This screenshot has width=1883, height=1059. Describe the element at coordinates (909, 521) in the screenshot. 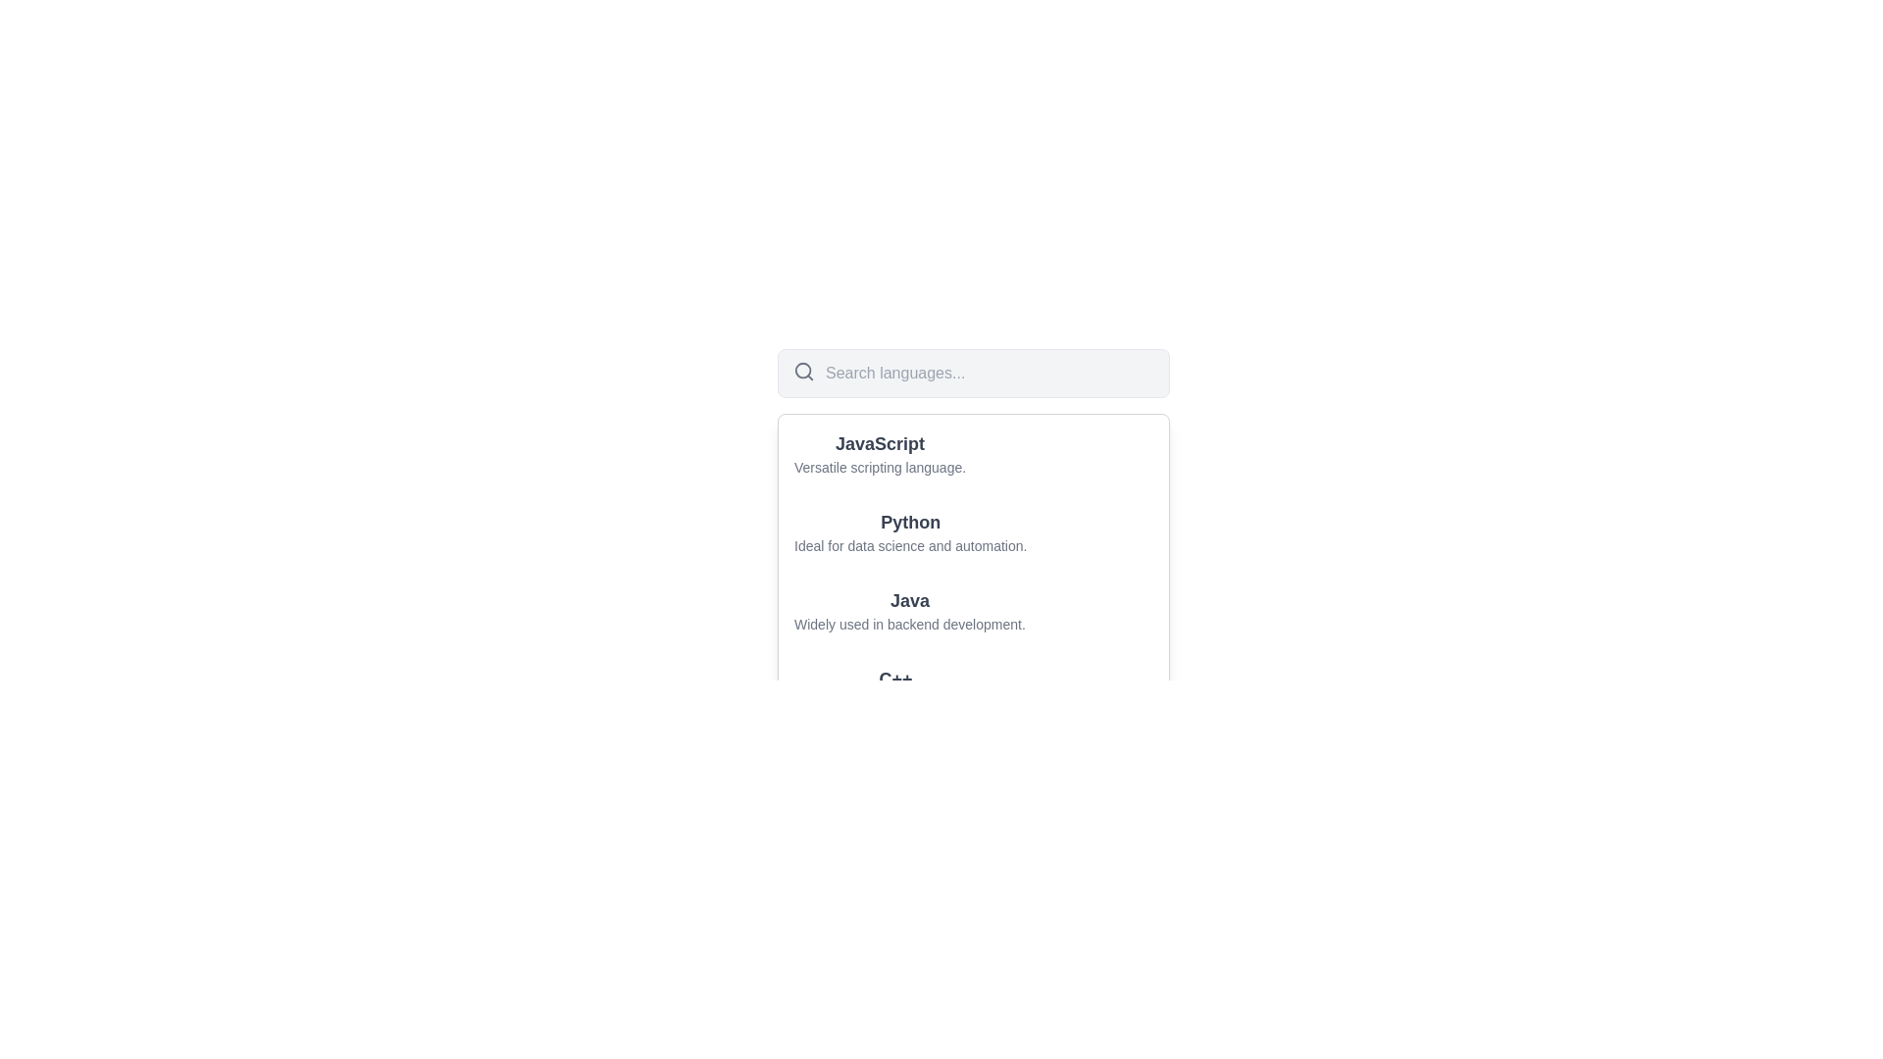

I see `the text label displaying 'Python', which is styled in bold and is larger than the surrounding text, located between the 'JavaScript' and 'Java' labels` at that location.